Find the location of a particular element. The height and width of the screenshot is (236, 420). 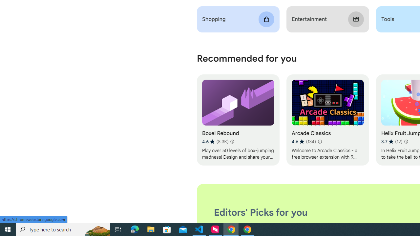

'Average rating 4.6 out of 5 stars. 8.3K ratings.' is located at coordinates (215, 141).